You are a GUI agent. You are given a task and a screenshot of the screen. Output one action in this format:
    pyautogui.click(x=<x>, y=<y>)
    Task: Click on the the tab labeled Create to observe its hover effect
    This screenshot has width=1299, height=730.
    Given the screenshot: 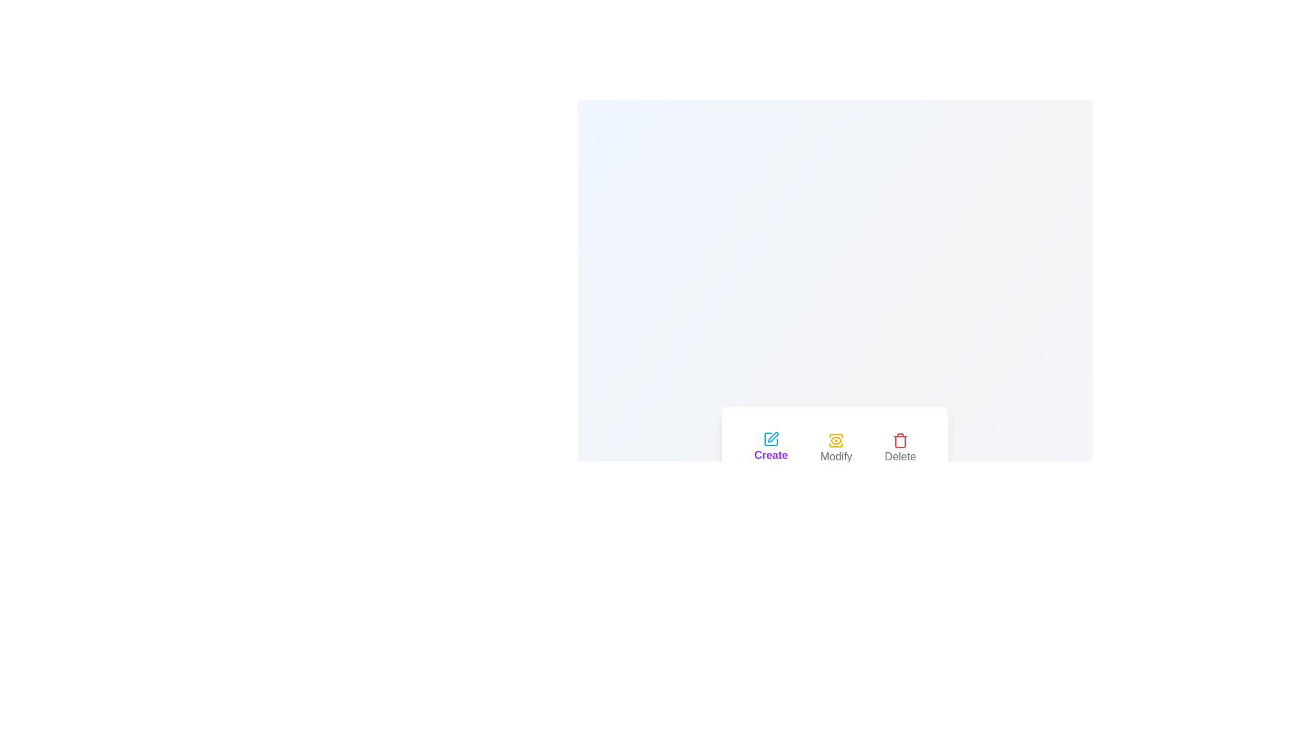 What is the action you would take?
    pyautogui.click(x=771, y=448)
    